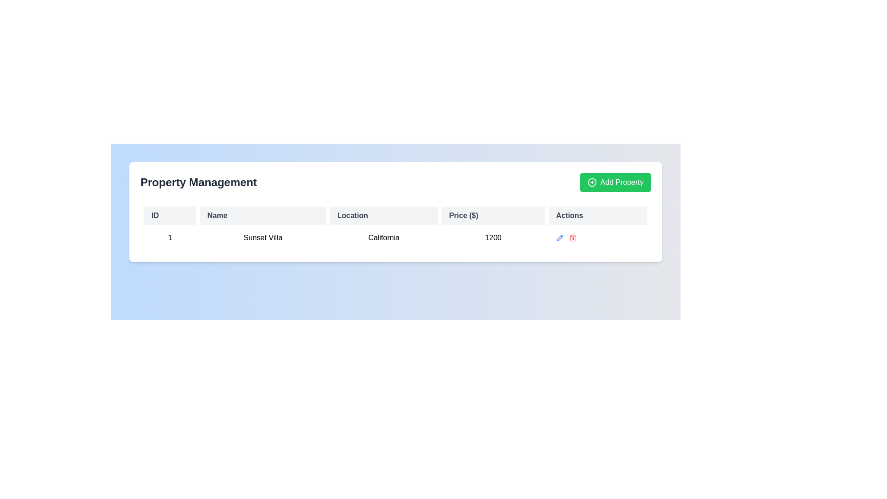  I want to click on the bold, black numeral '1' text label located in the first column of the table row under the 'ID' header, so click(170, 237).